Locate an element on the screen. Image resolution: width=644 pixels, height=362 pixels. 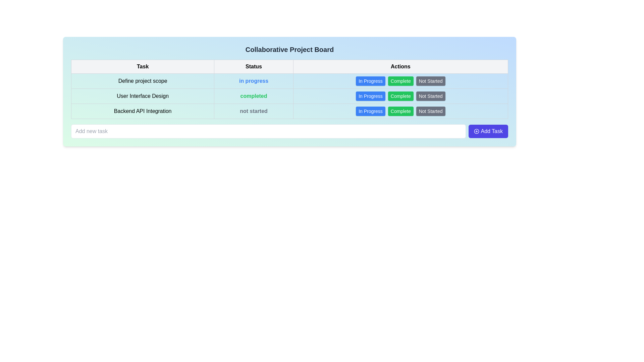
the 'Not Started' button, which is a rectangular button with rounded corners located in the 'Actions' column of the third row of the table is located at coordinates (431, 111).